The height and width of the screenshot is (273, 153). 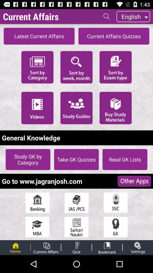 I want to click on open the settings, so click(x=137, y=247).